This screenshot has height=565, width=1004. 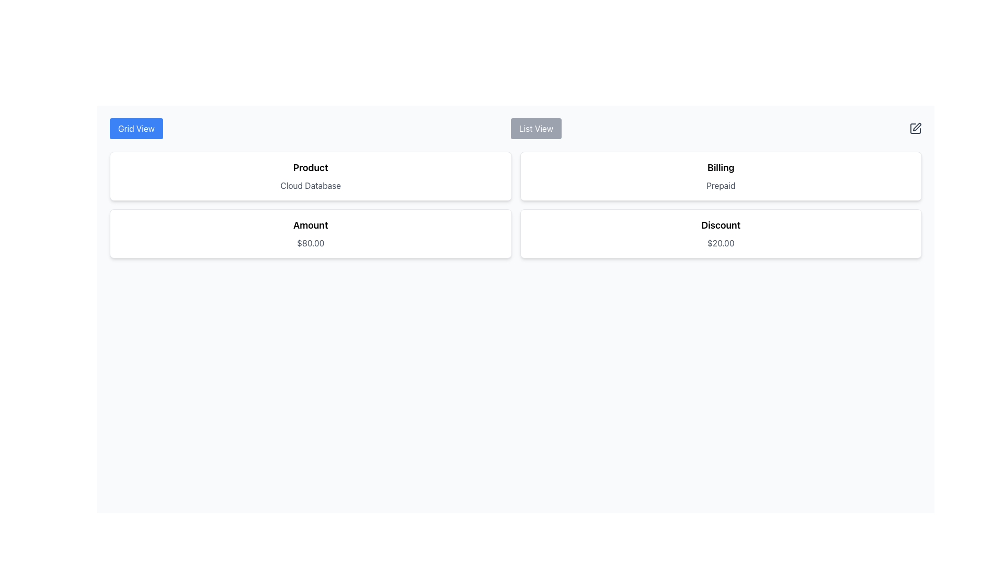 I want to click on the Content Display Box element labeled 'Billing' which contains the subtitle 'Prepaid', so click(x=720, y=175).